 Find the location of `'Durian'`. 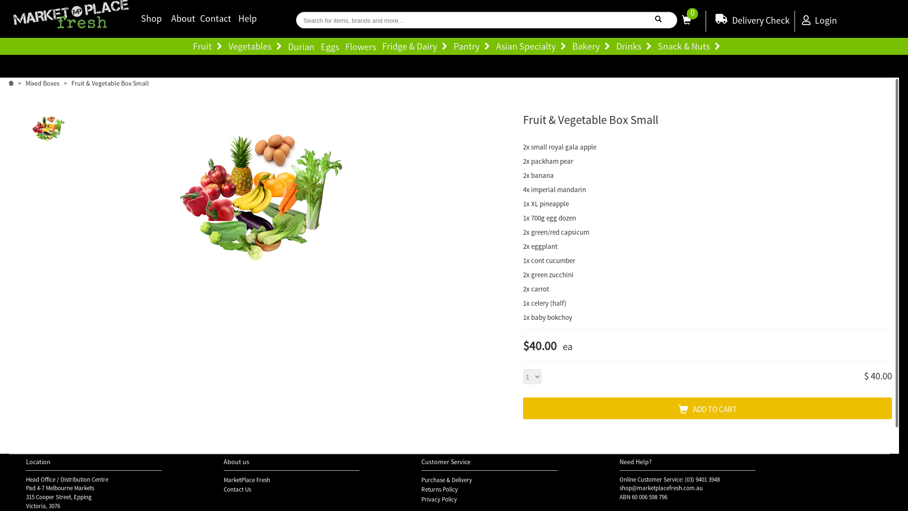

'Durian' is located at coordinates (287, 46).